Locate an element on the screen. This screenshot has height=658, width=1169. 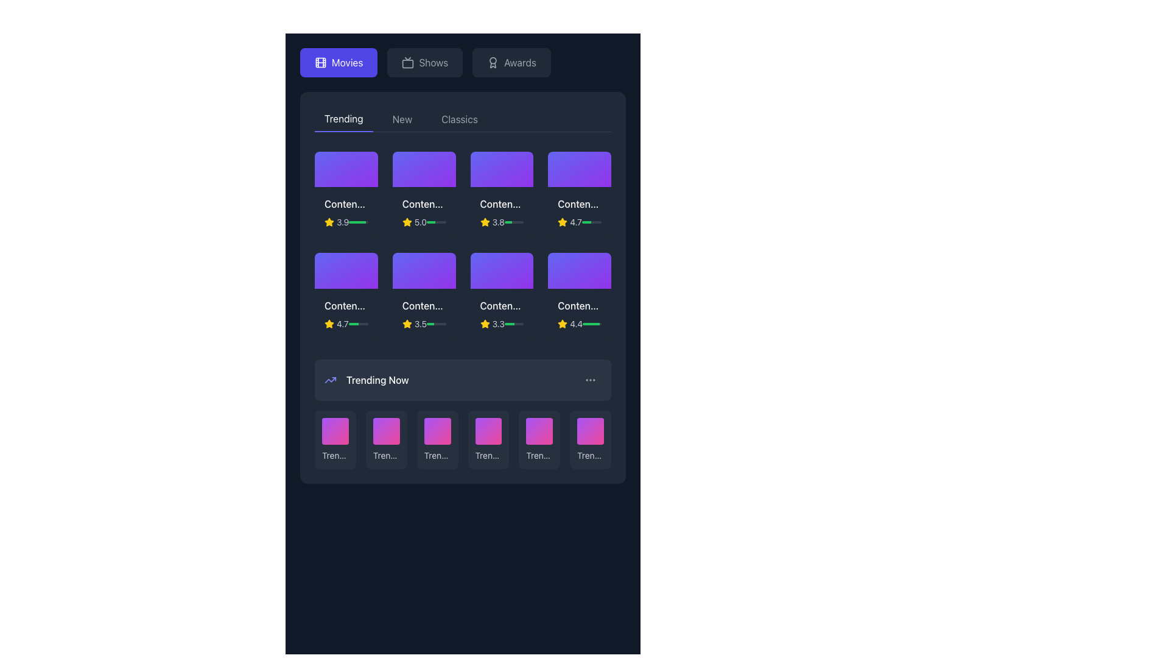
the title label of the content item located in the fourth card of the second row under the 'Trending' section is located at coordinates (579, 203).